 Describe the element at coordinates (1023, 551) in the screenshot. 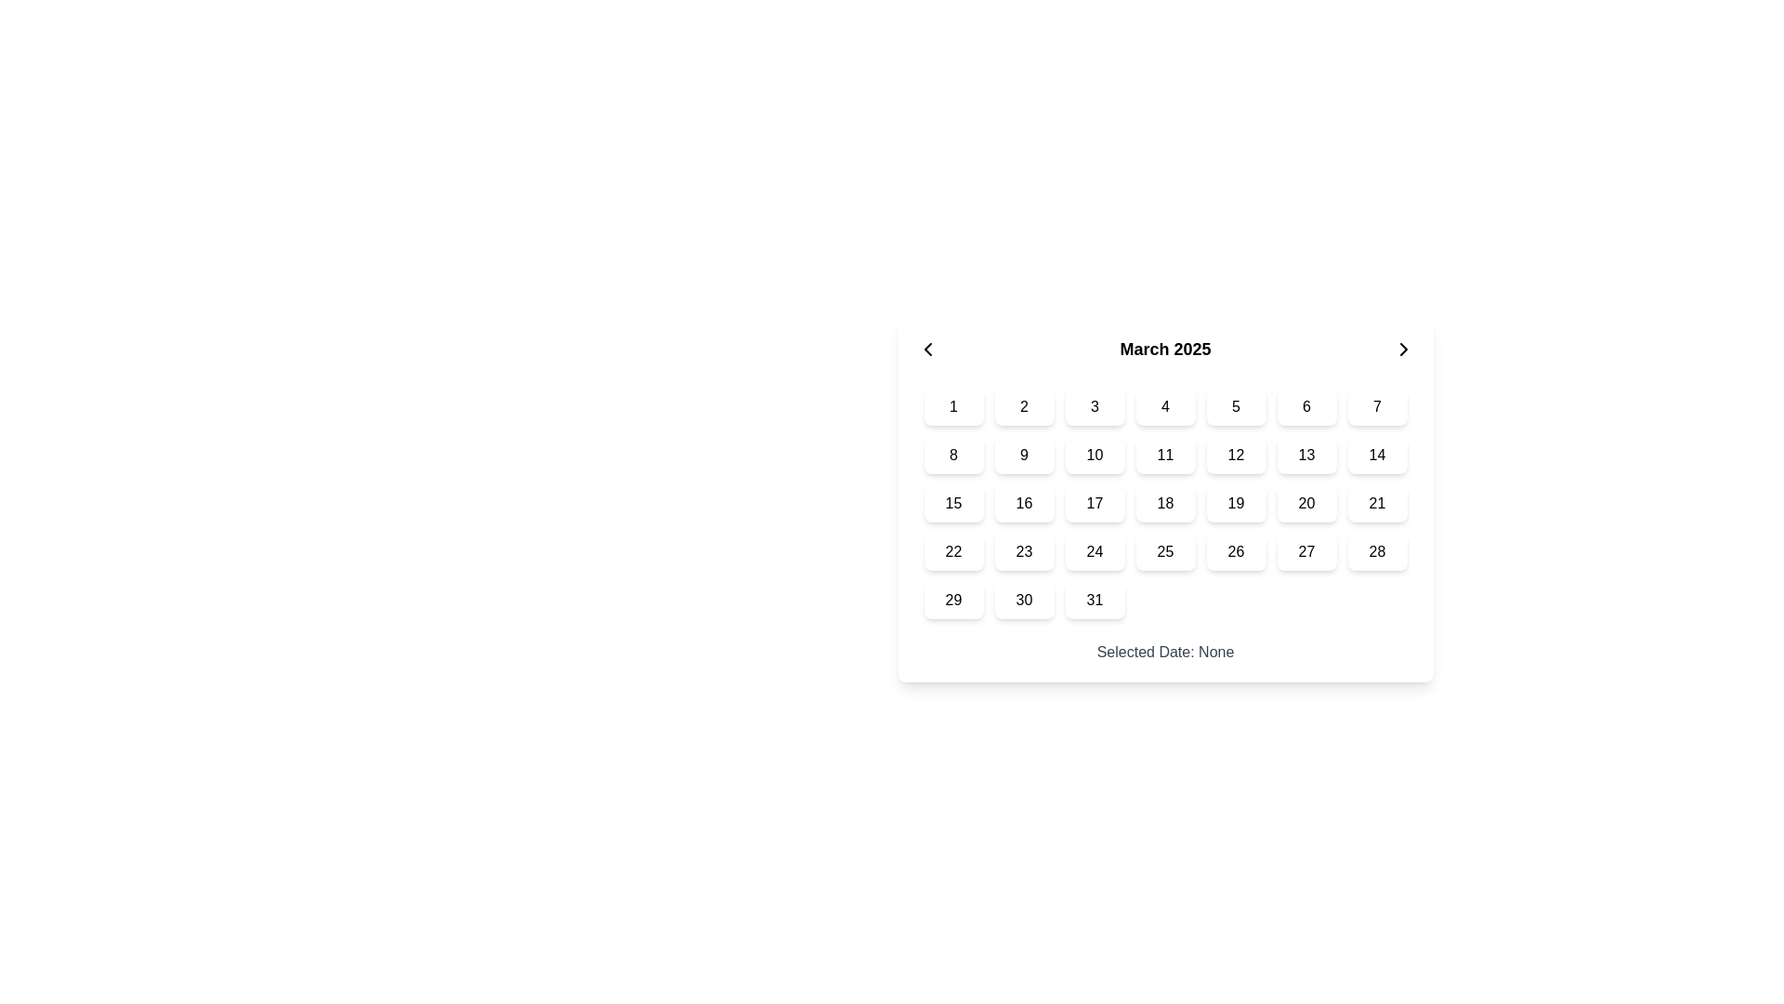

I see `the selectable calendar date button displaying the number '23'` at that location.